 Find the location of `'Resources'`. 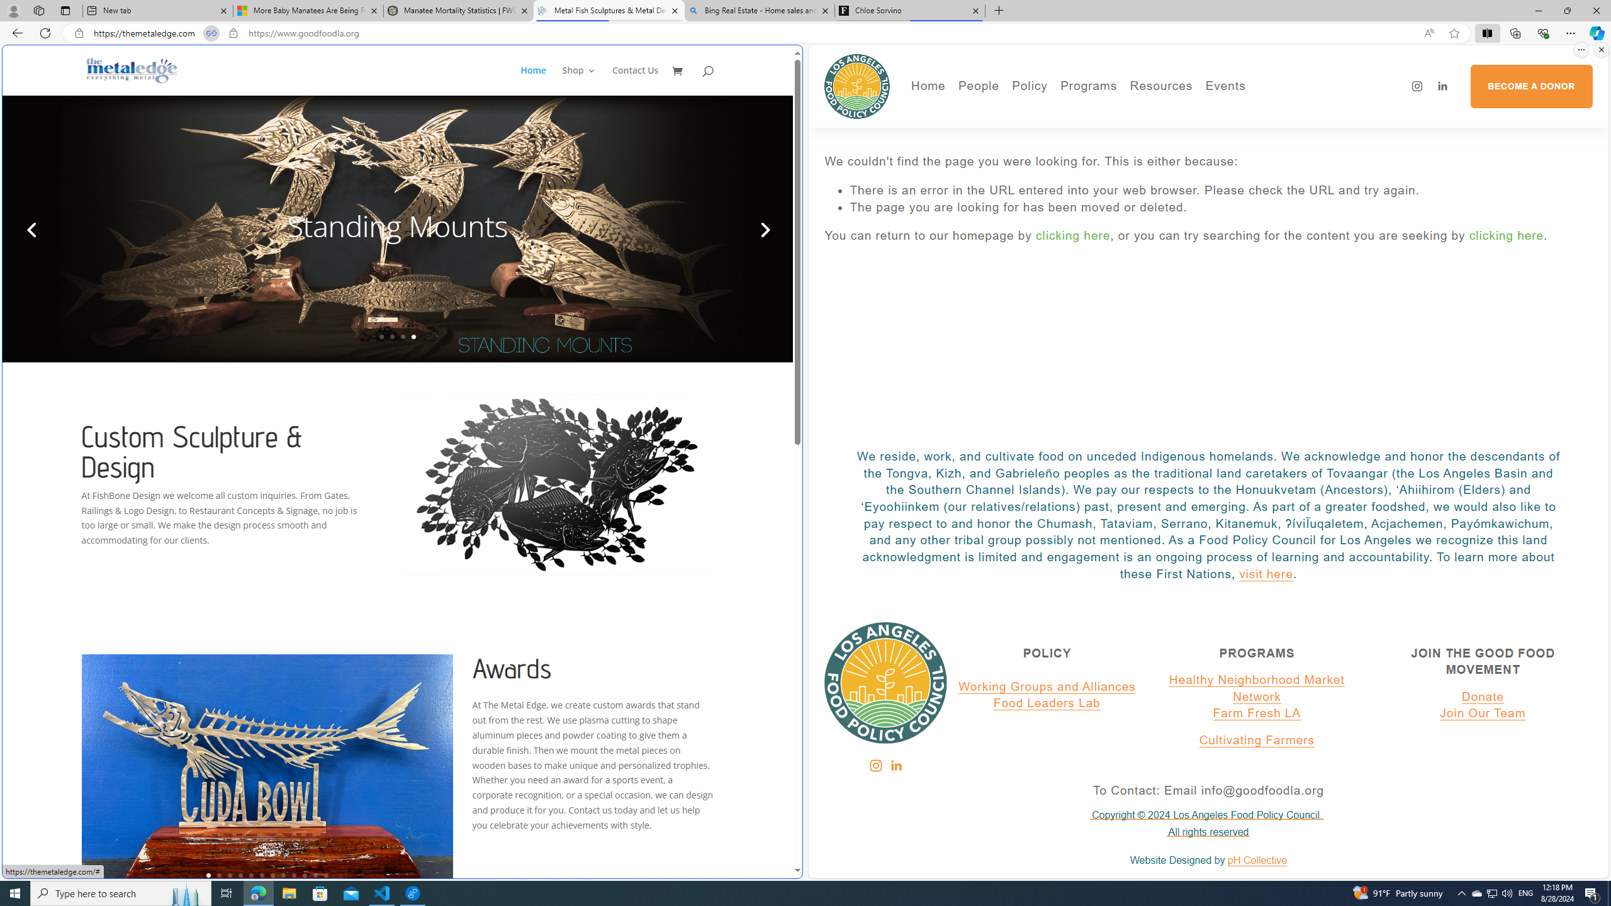

'Resources' is located at coordinates (1160, 86).